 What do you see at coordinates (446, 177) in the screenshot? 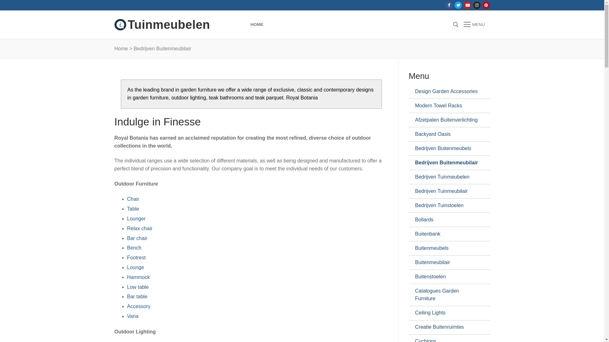
I see `'Bedrijven Tuinmeubelen'` at bounding box center [446, 177].